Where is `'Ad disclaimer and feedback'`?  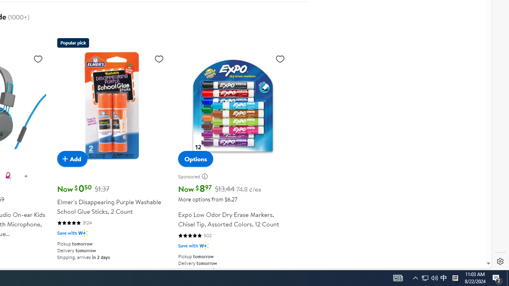
'Ad disclaimer and feedback' is located at coordinates (207, 176).